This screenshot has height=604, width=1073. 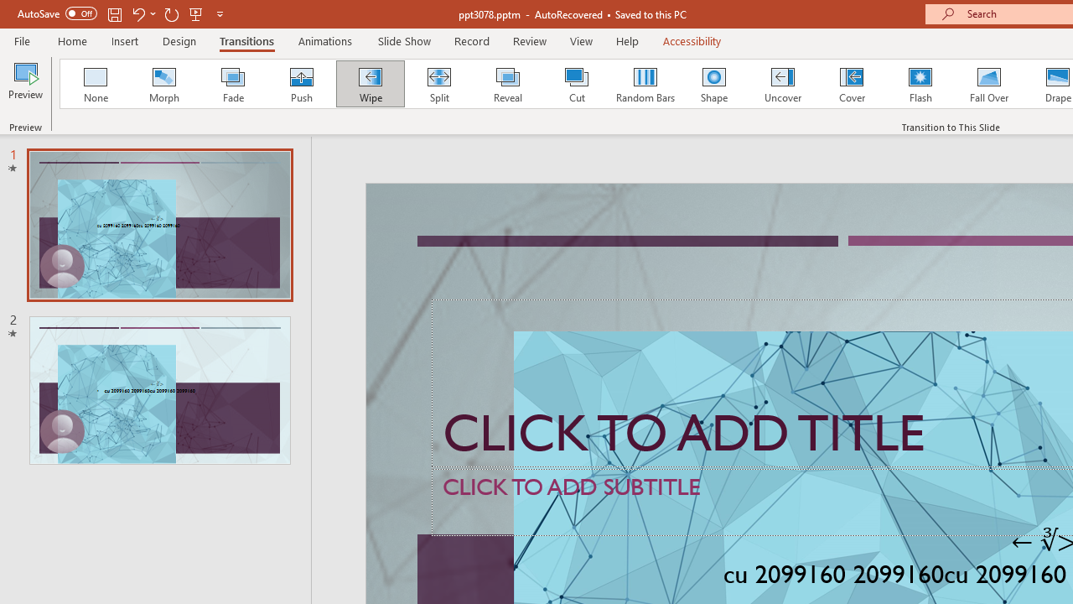 I want to click on 'Cover', so click(x=852, y=84).